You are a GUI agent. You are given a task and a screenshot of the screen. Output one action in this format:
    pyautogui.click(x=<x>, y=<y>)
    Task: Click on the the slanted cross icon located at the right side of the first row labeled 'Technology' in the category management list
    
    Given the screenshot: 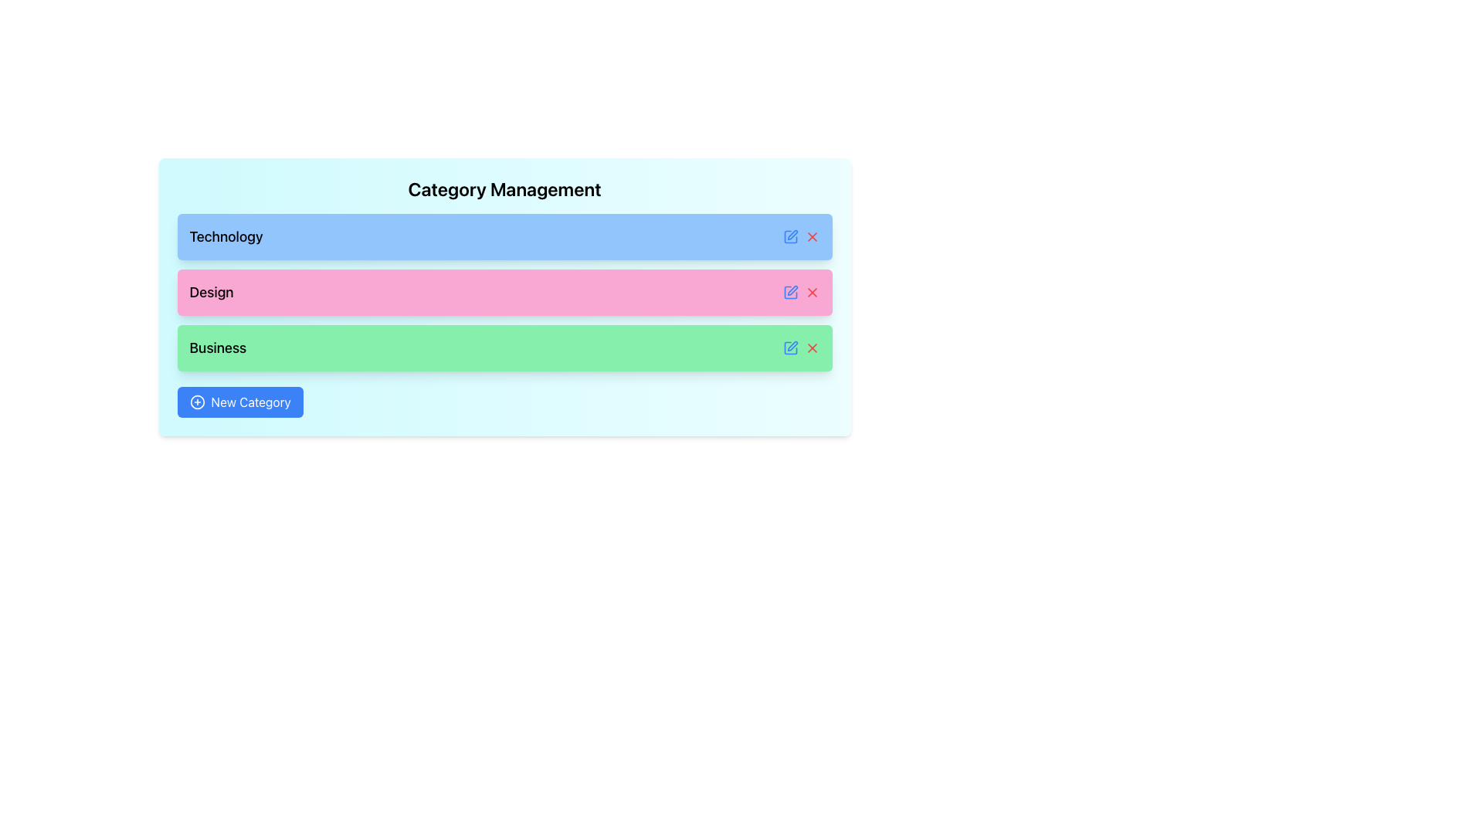 What is the action you would take?
    pyautogui.click(x=811, y=237)
    